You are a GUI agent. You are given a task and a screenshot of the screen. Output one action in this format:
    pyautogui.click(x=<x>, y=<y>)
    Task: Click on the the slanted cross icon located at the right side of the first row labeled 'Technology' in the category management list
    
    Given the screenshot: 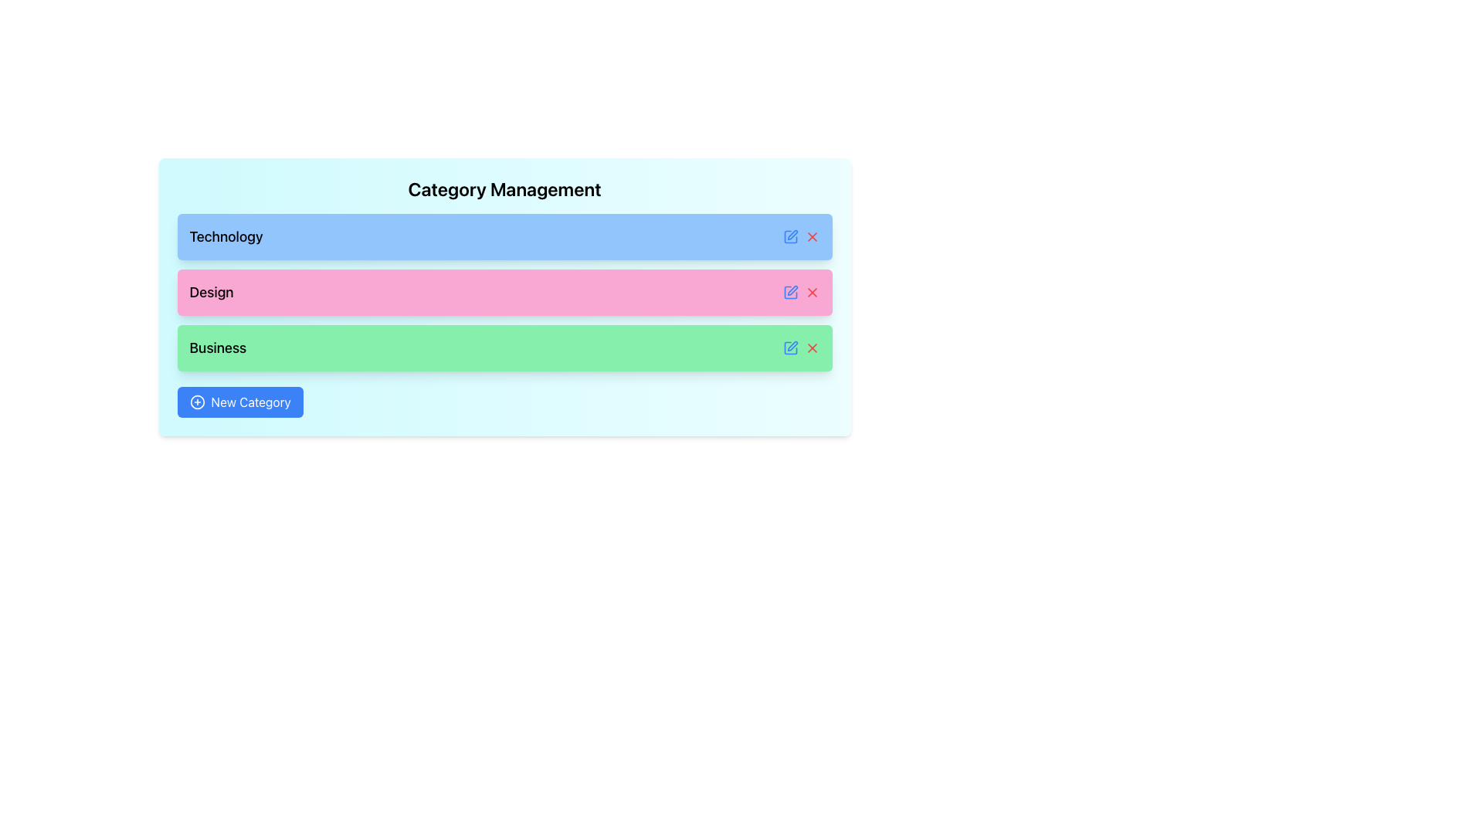 What is the action you would take?
    pyautogui.click(x=811, y=237)
    